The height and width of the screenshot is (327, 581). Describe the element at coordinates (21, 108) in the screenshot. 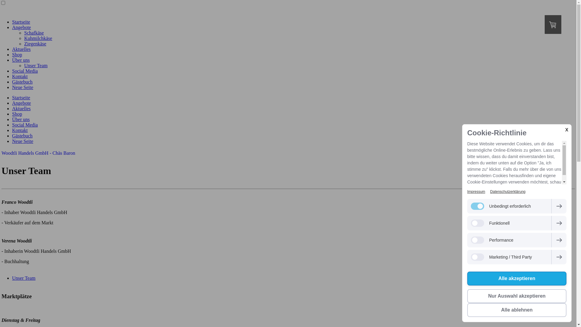

I see `'Aktuelles'` at that location.